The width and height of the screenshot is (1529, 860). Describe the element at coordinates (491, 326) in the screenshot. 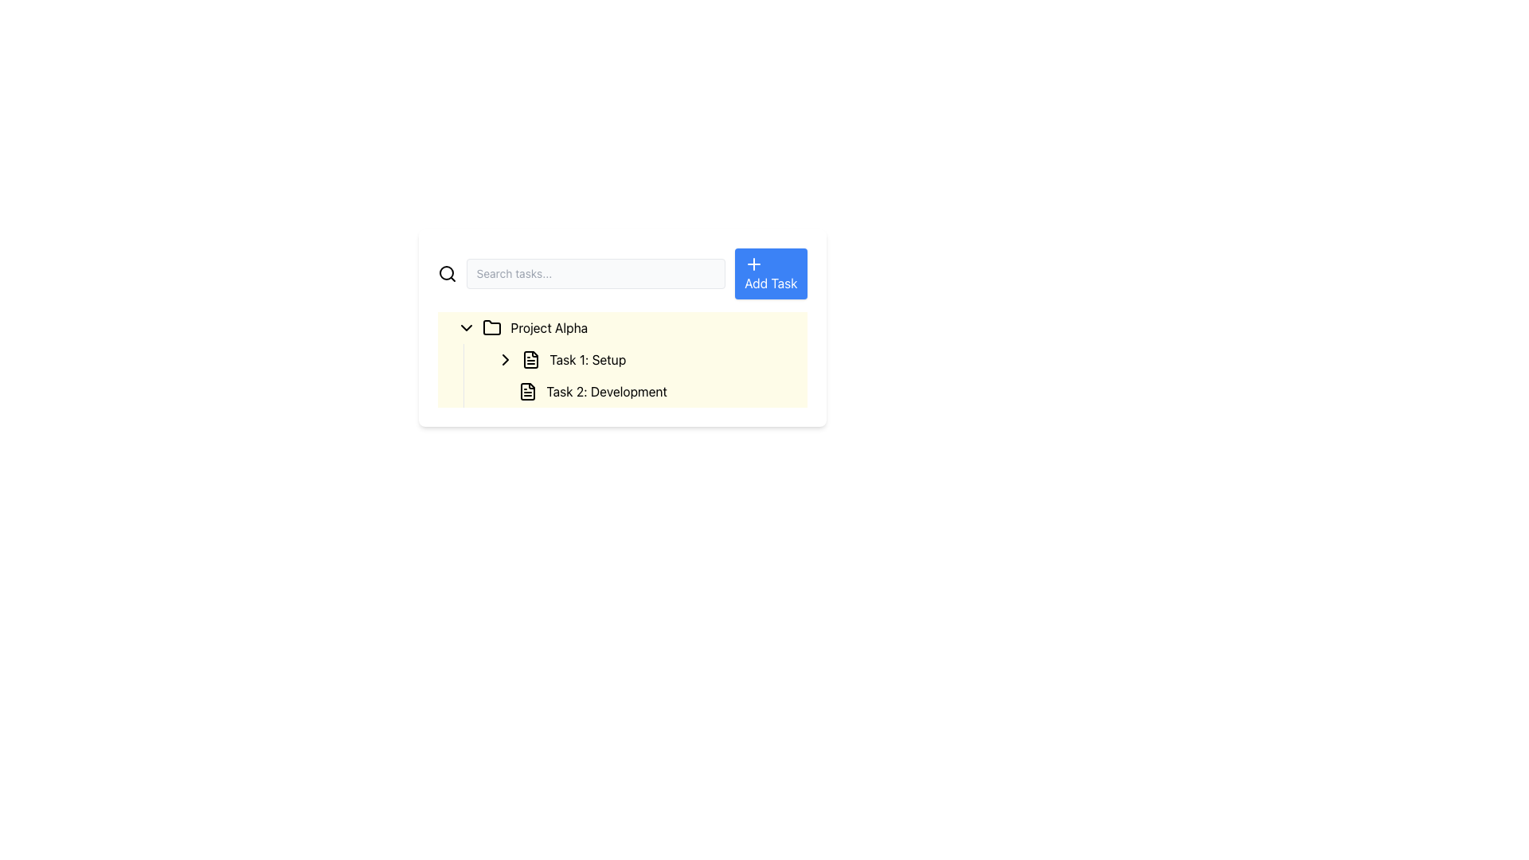

I see `the folder icon representing the project 'Project Alpha', which is located to the left of its label in the first row of the task management list` at that location.